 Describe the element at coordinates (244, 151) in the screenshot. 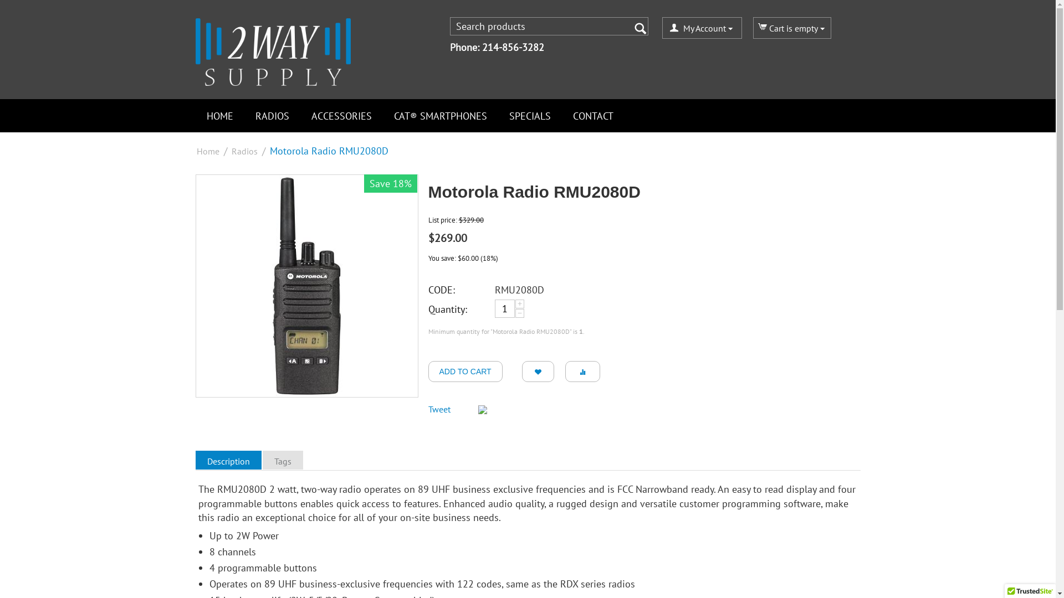

I see `'Radios'` at that location.